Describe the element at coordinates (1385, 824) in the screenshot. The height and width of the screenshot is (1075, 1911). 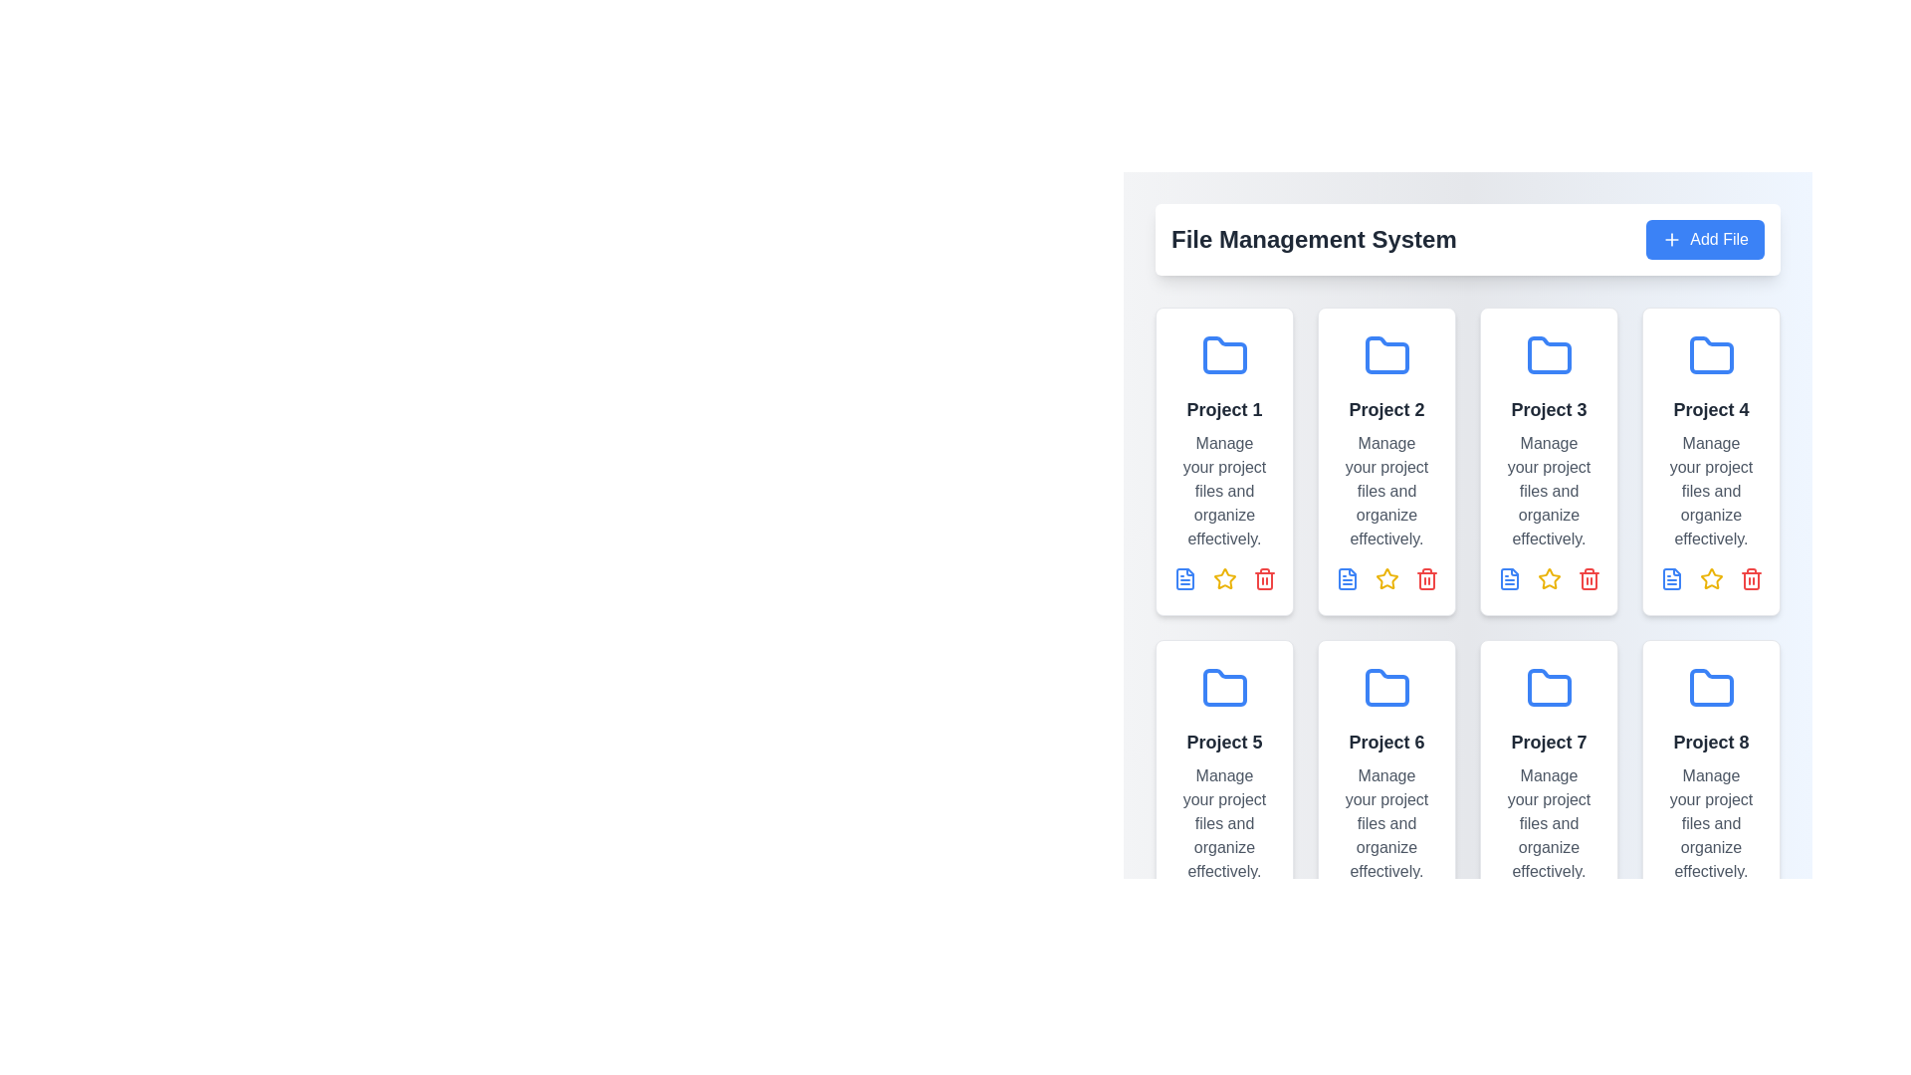
I see `the text label displaying 'Manage your project files and organize effectively.' which is located below the title 'Project 6' in the second row, second column of the card layout` at that location.